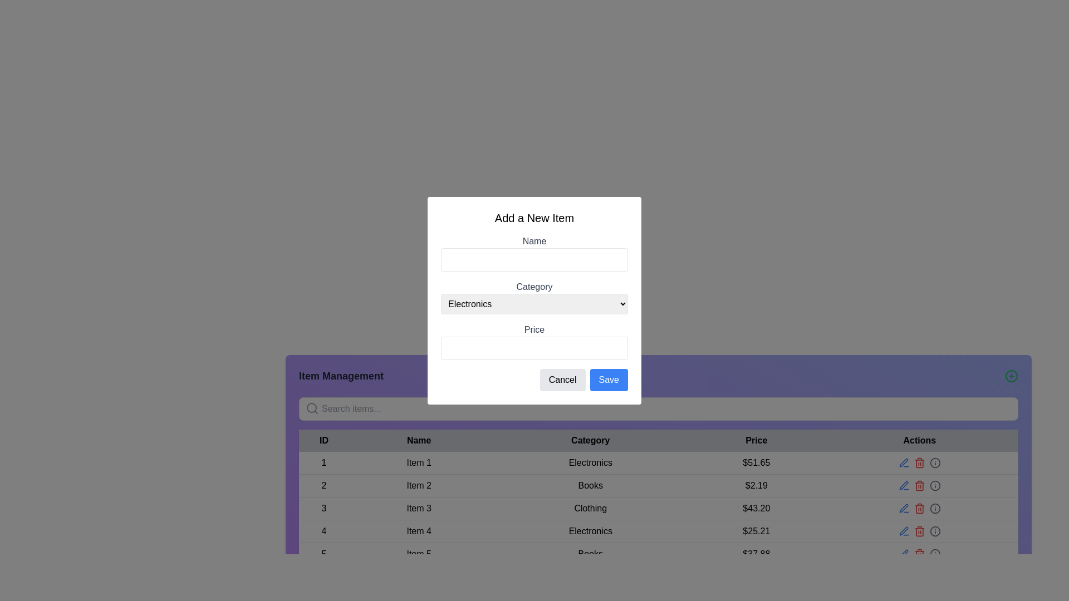 This screenshot has width=1069, height=601. I want to click on the 'Cancel' button, which is a rectangular button with rounded corners and a gray background, displaying the text 'Cancel' in black. It is located at the bottom center of the dialog box, to the left of the 'Save' button, so click(562, 379).